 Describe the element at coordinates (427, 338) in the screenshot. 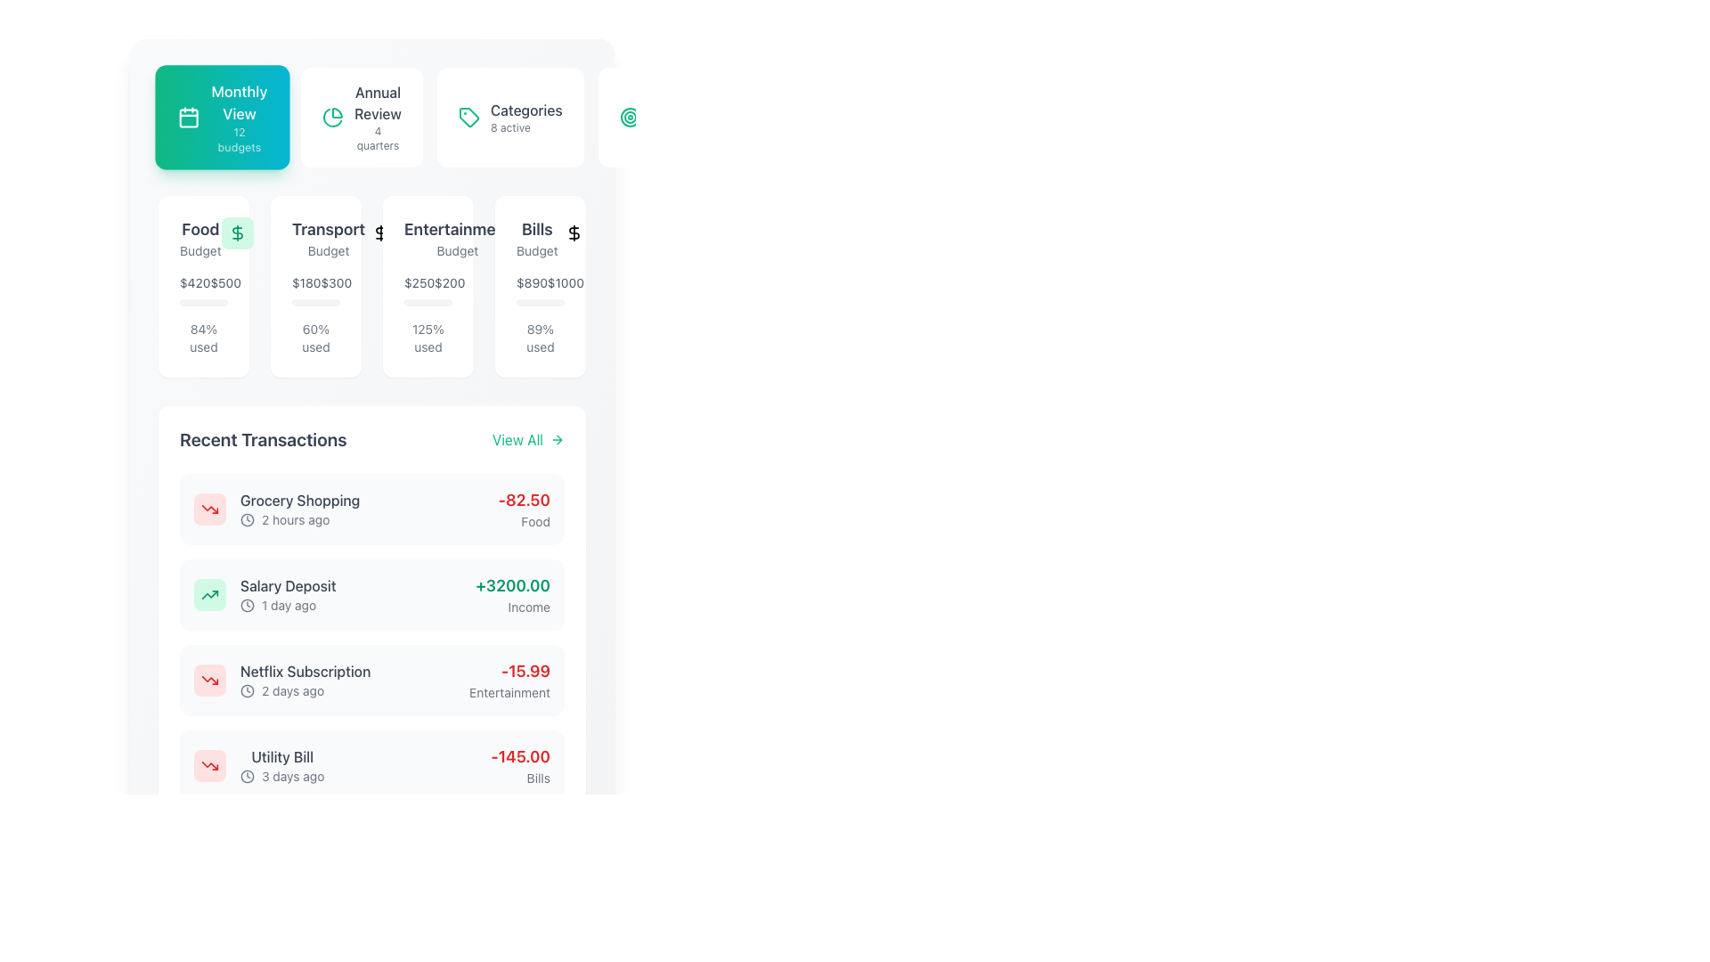

I see `the Text label displaying the percentage of the budget used for the 'Entertainment' category, which is located at the bottom of the 'Entertainment' budget card` at that location.